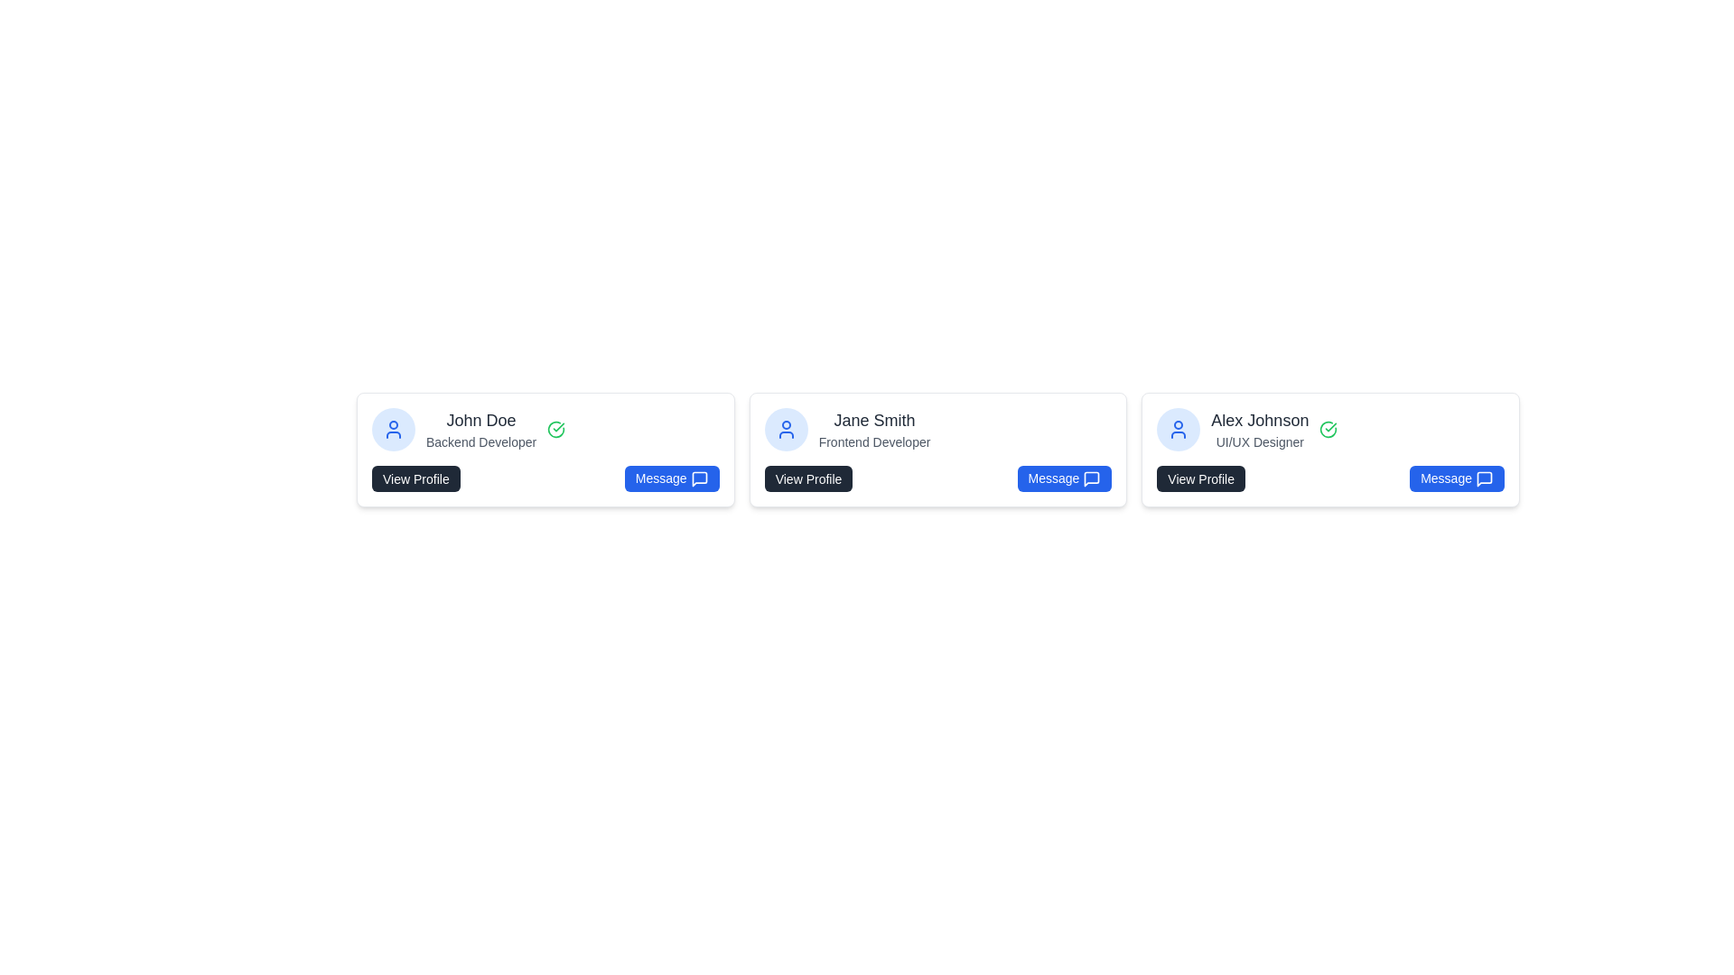  What do you see at coordinates (1064, 478) in the screenshot?
I see `the 'Message' button, which is a rounded rectangle with a blue background and white text, to initiate a message` at bounding box center [1064, 478].